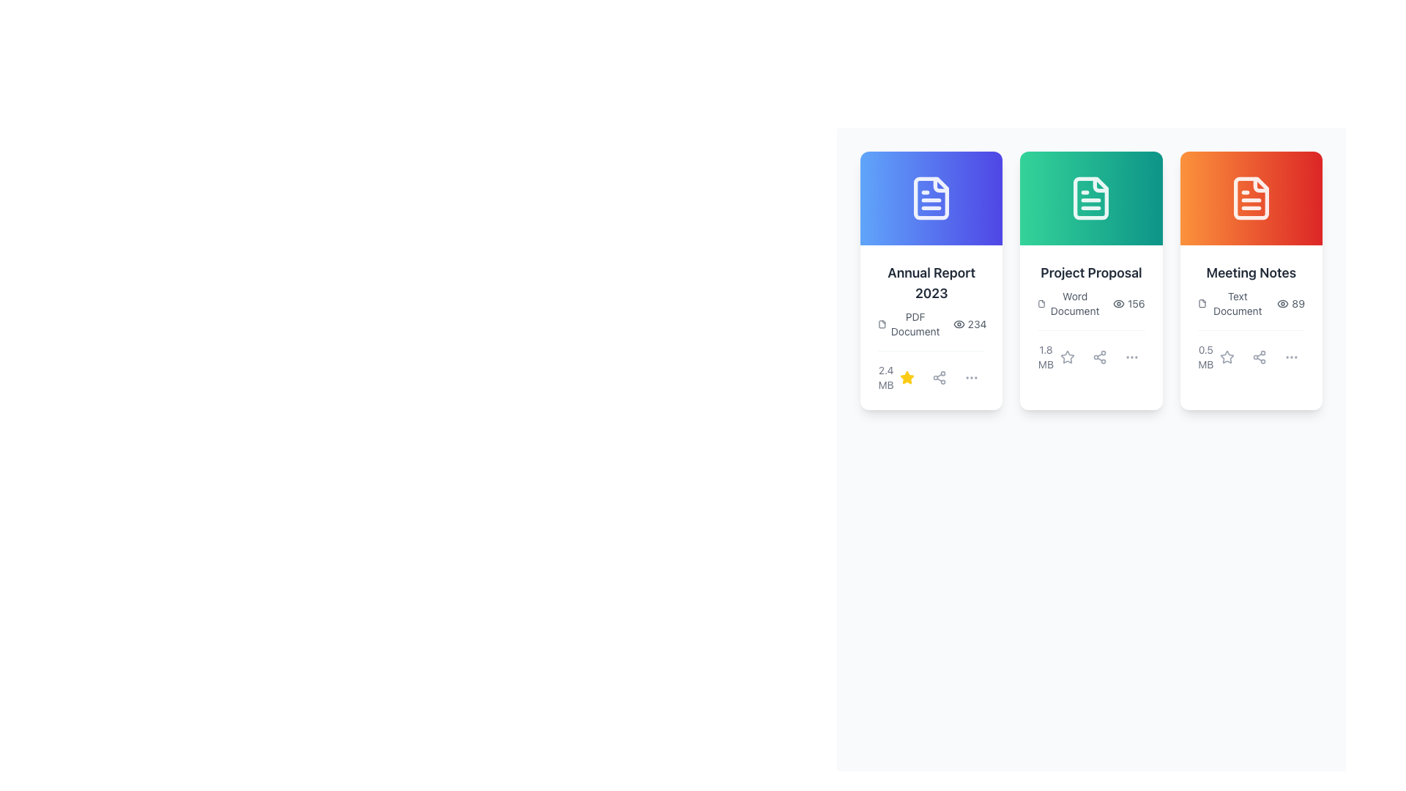 The width and height of the screenshot is (1406, 791). I want to click on the small eye icon with a gray outline, which is positioned to the left of the numeric text '89' in the 'Meeting Notes' card, so click(1282, 303).